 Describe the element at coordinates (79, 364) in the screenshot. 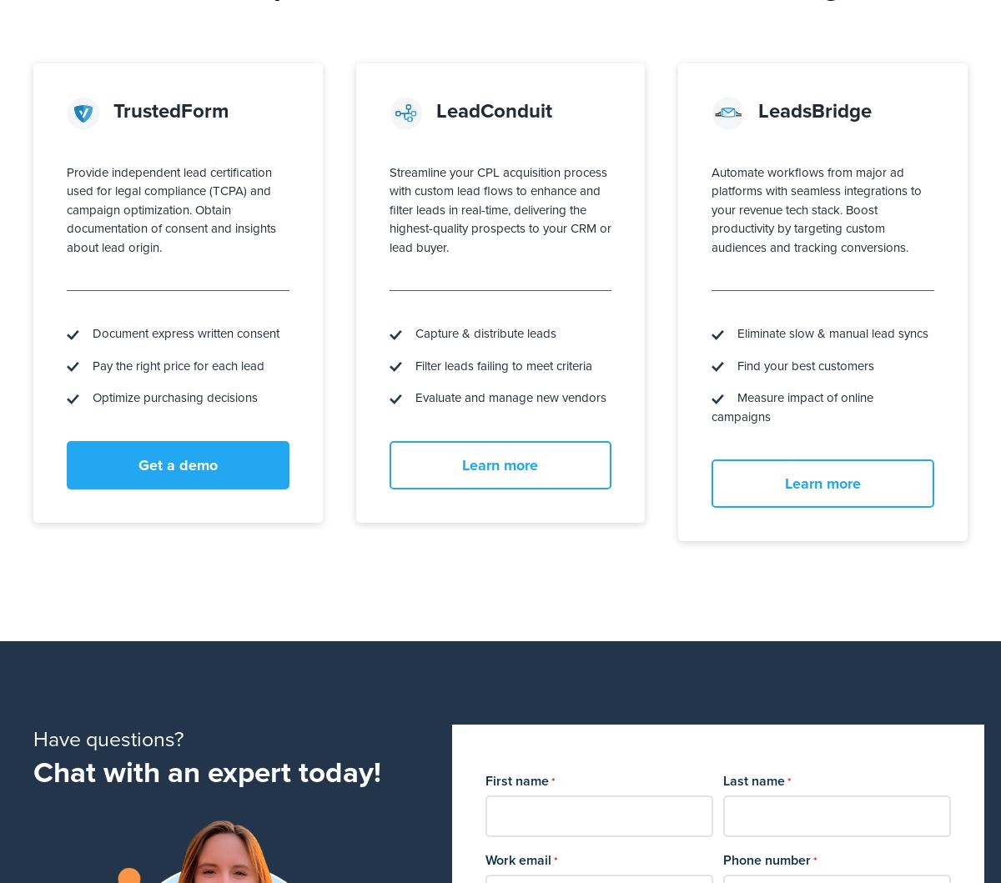

I see `'Pay the right price for each lead'` at that location.